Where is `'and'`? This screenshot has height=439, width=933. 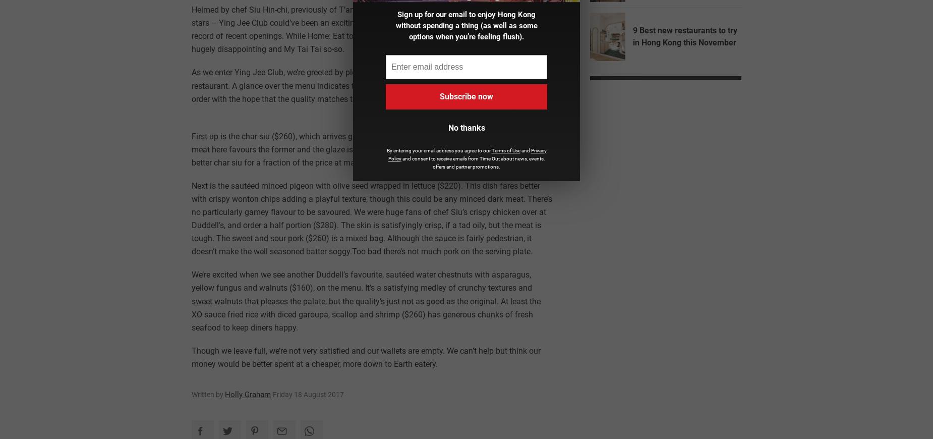
'and' is located at coordinates (524, 150).